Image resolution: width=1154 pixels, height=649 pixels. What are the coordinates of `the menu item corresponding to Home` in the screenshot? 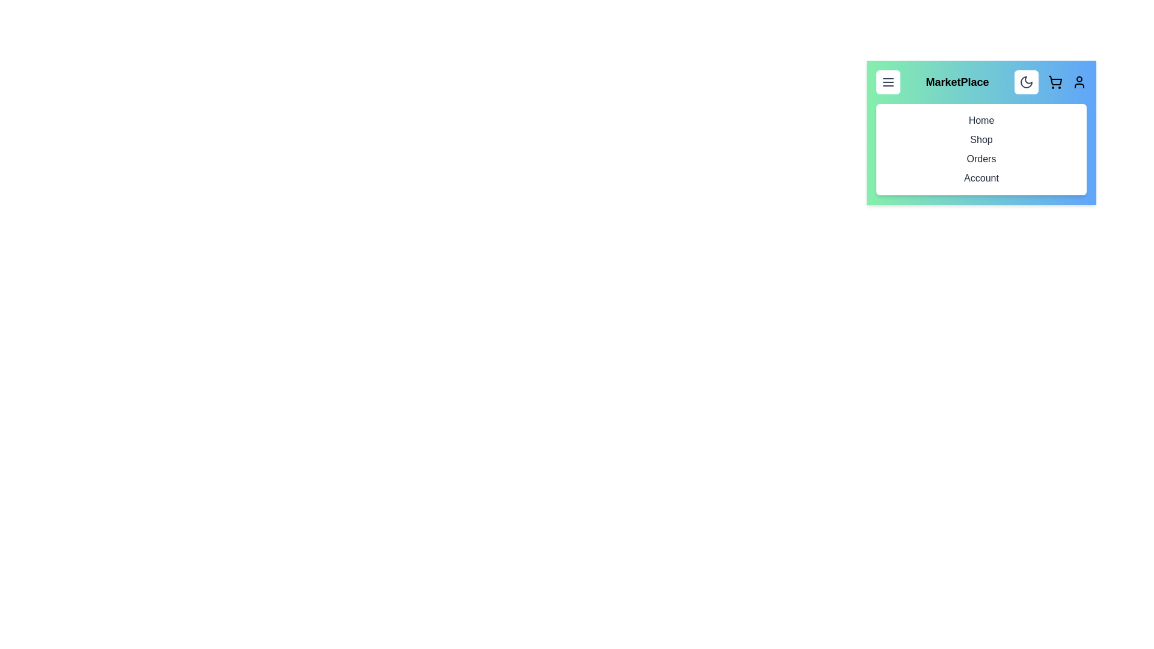 It's located at (981, 120).